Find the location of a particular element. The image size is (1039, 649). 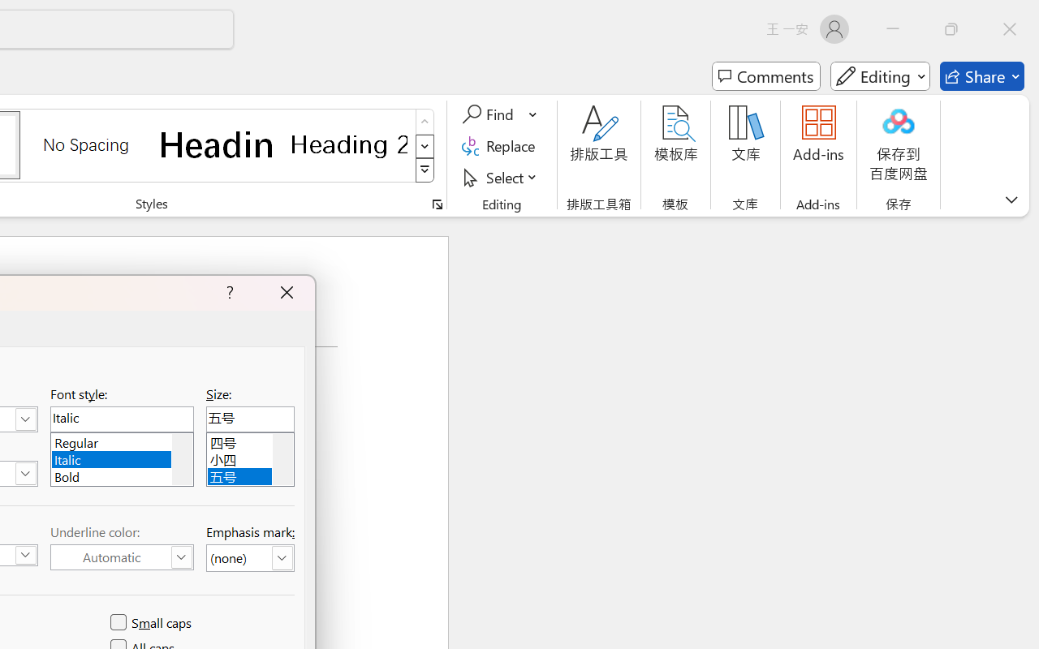

'Bold' is located at coordinates (121, 474).